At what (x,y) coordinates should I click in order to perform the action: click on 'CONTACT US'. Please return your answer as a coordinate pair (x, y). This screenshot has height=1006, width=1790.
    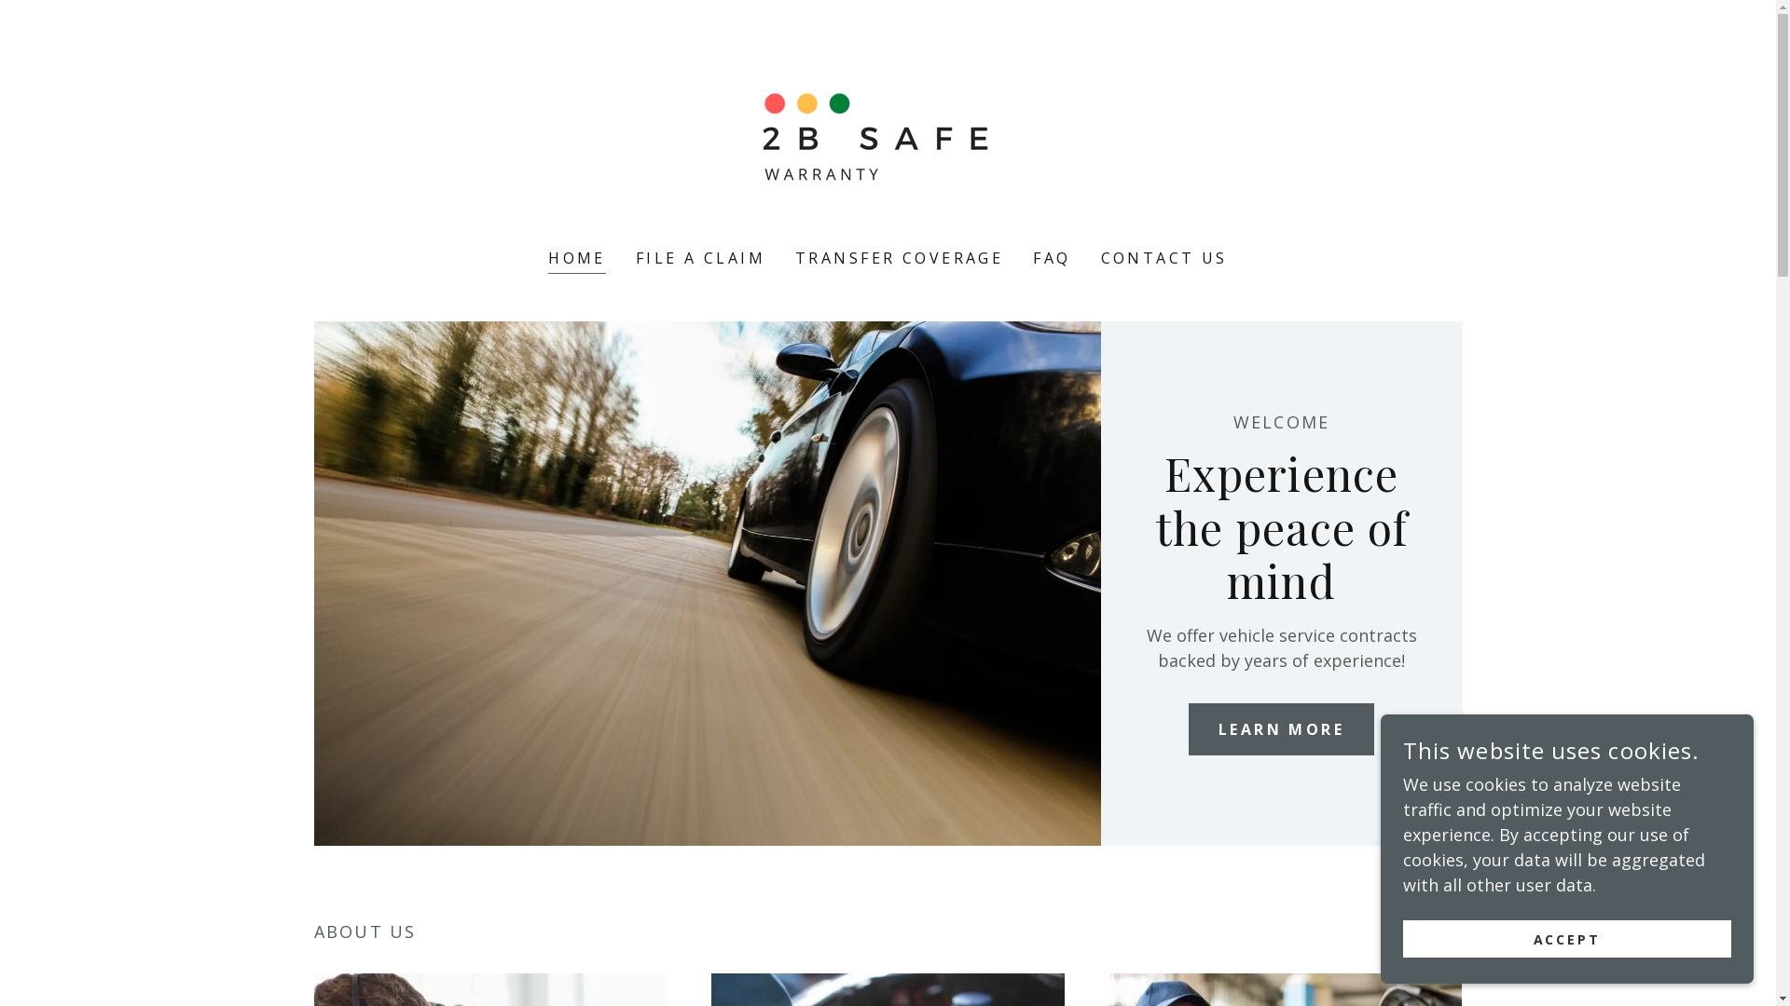
    Looking at the image, I should click on (1163, 258).